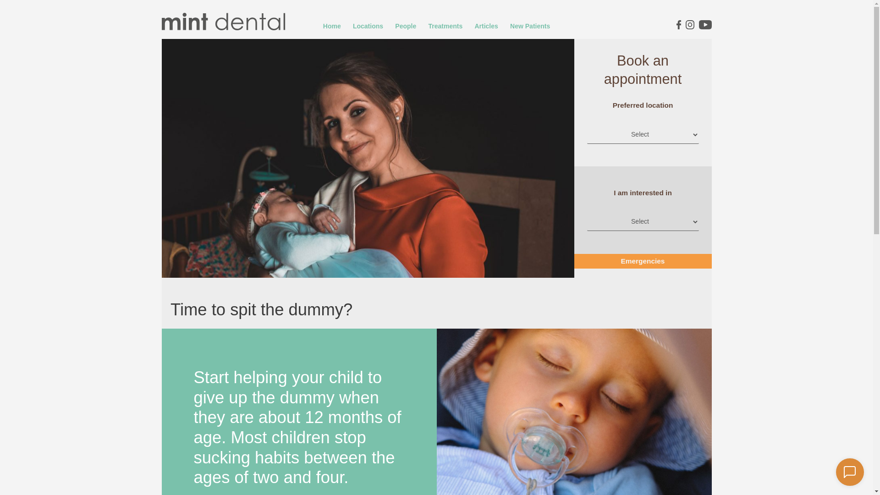 This screenshot has width=880, height=495. I want to click on 'Emergencies', so click(580, 261).